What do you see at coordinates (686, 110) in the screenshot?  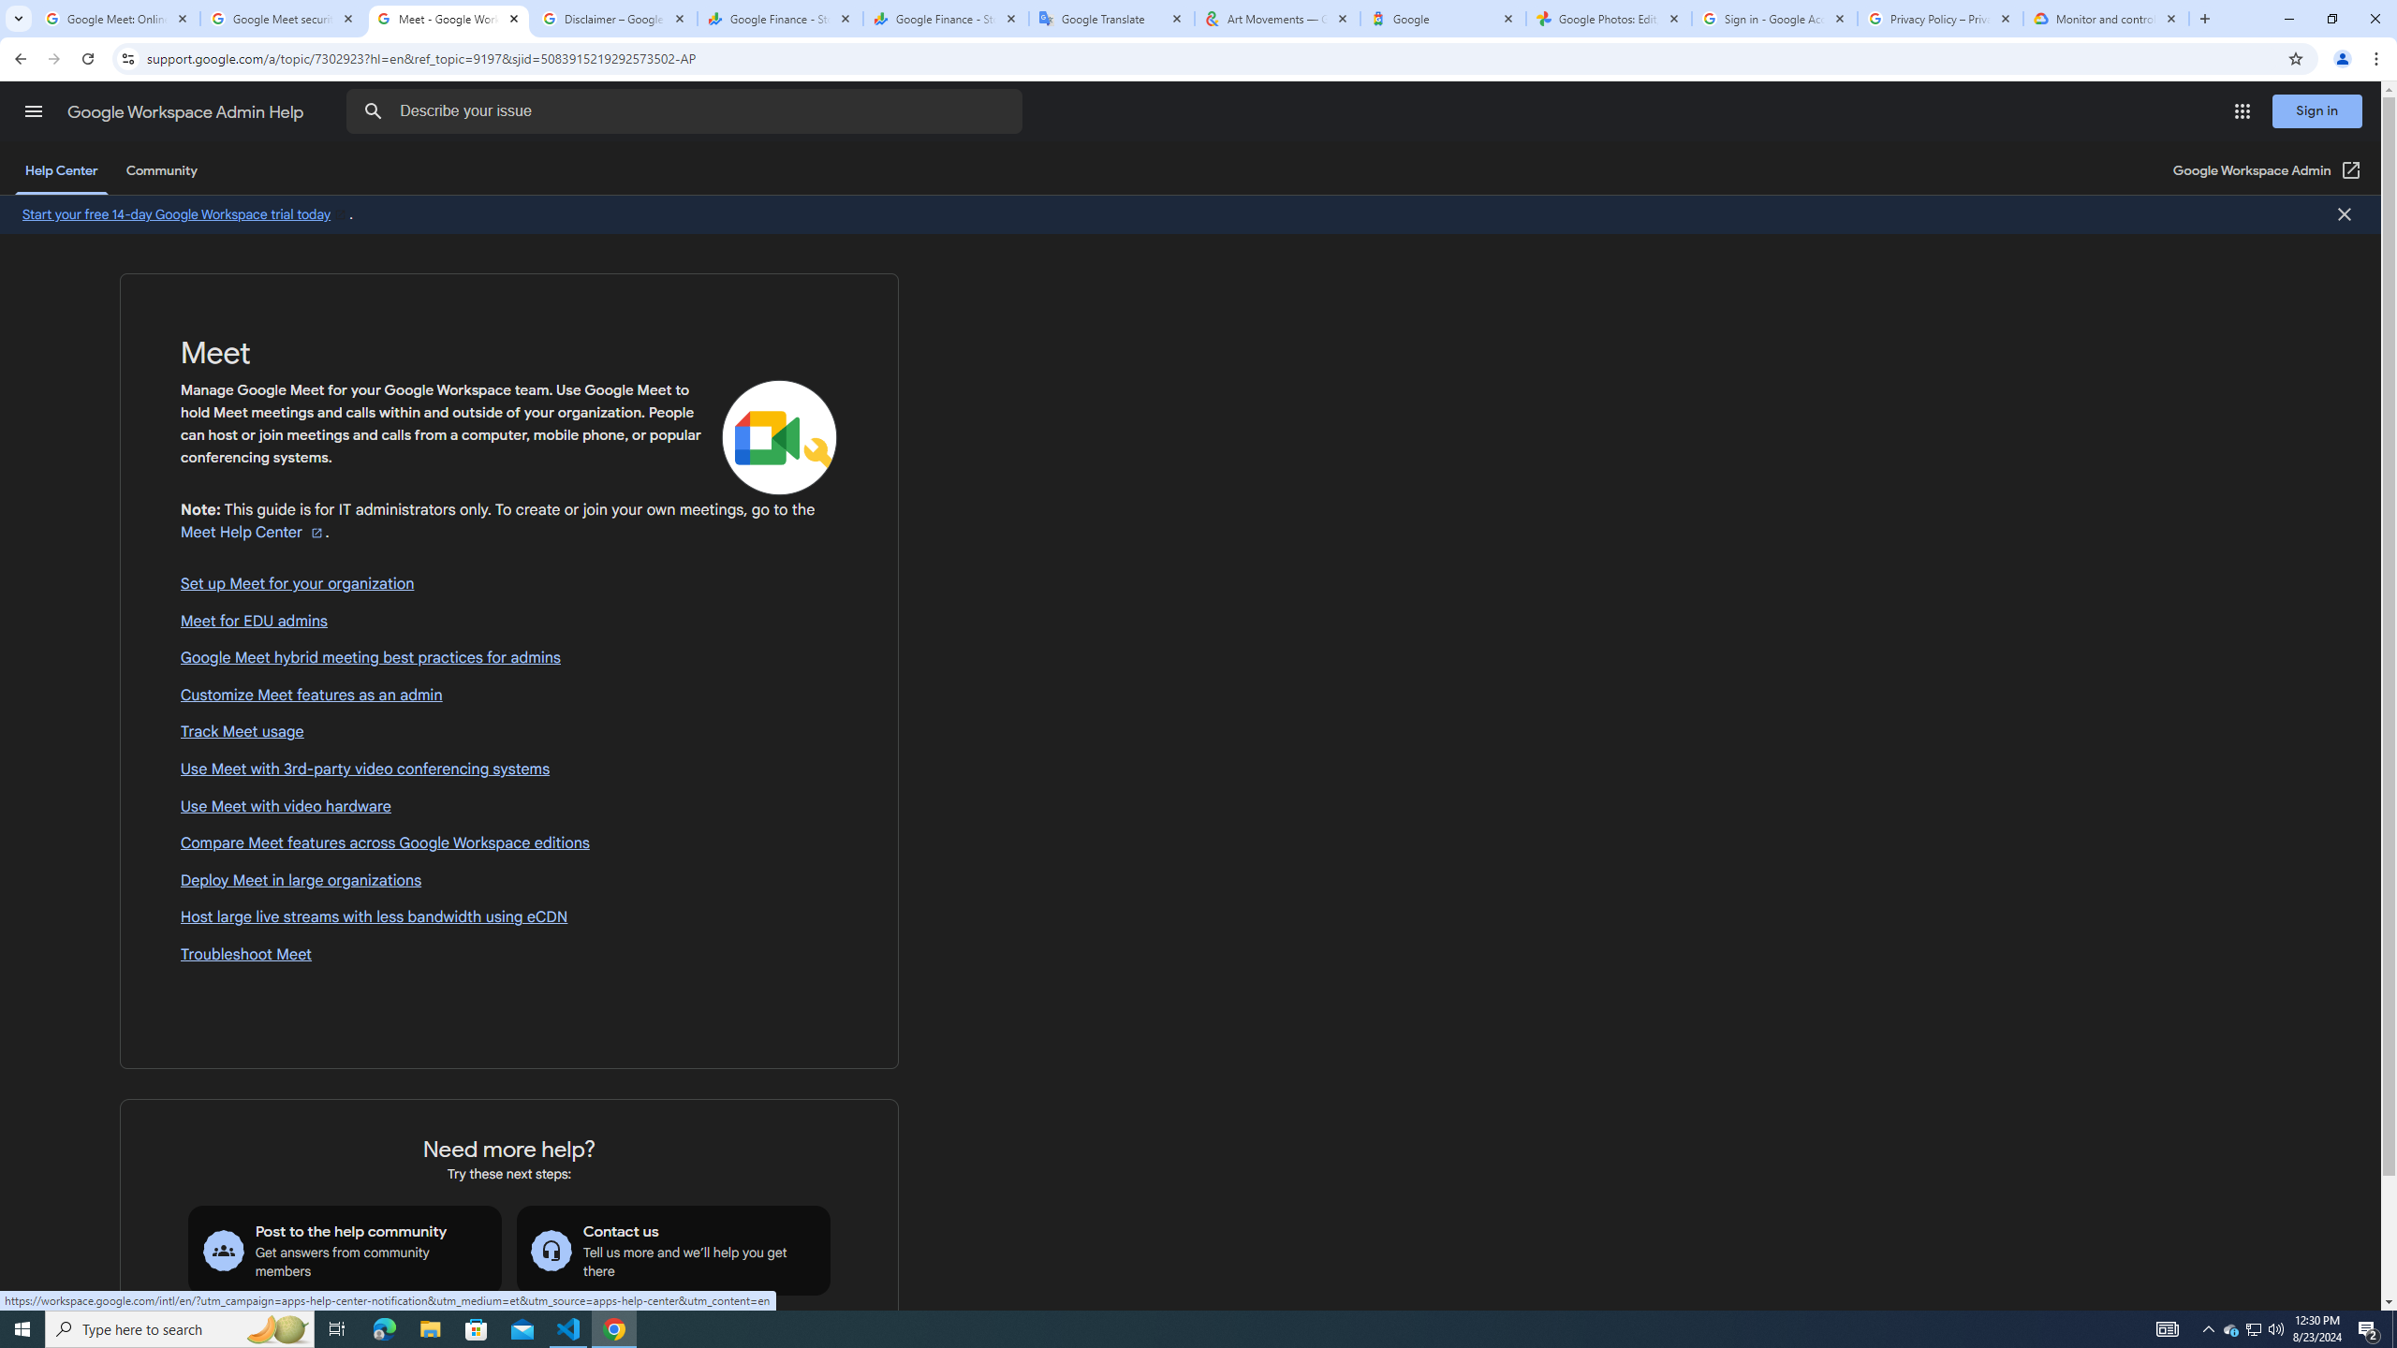 I see `'Describe your issue'` at bounding box center [686, 110].